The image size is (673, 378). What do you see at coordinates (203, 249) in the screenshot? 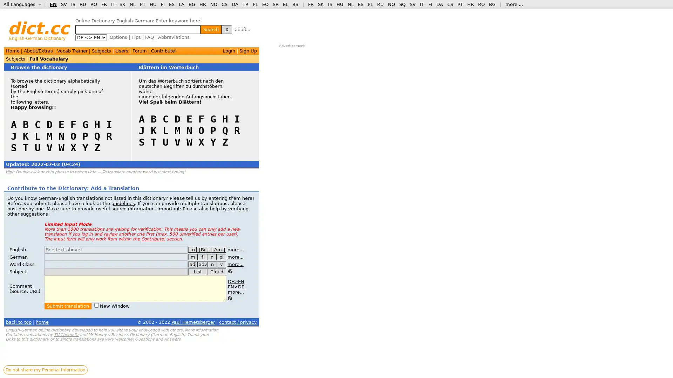
I see `[Br.]` at bounding box center [203, 249].